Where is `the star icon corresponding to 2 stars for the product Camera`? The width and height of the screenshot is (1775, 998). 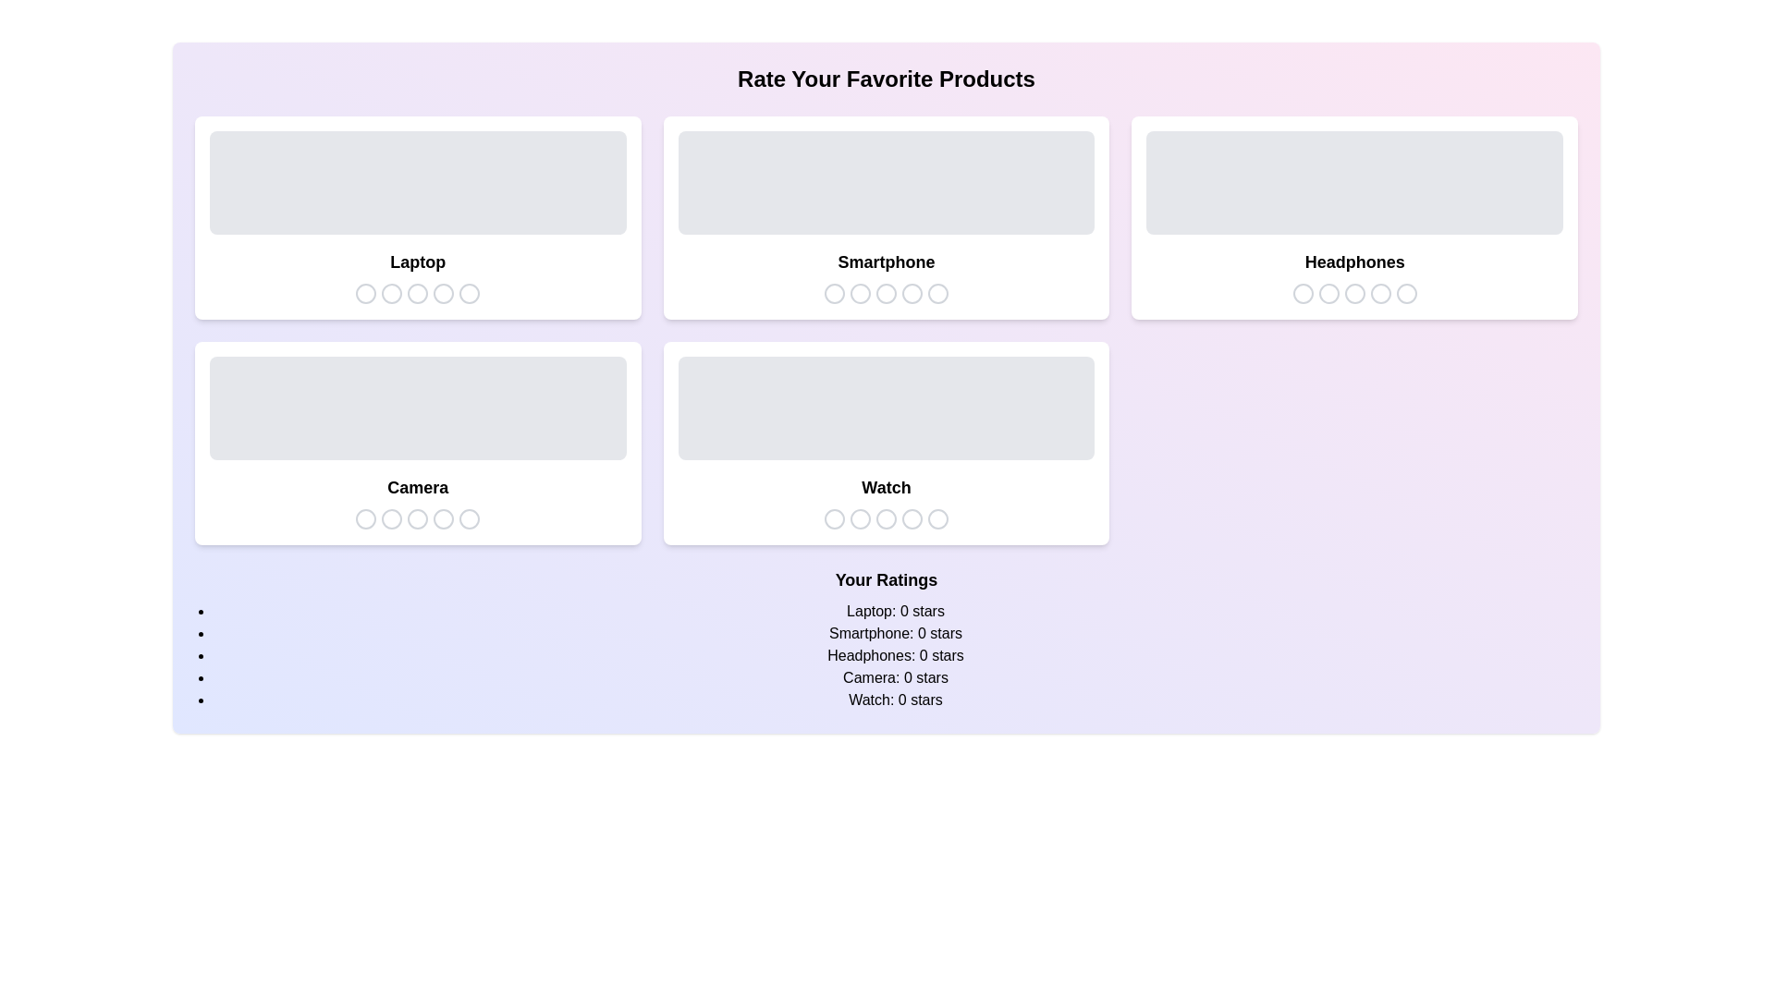 the star icon corresponding to 2 stars for the product Camera is located at coordinates (390, 519).